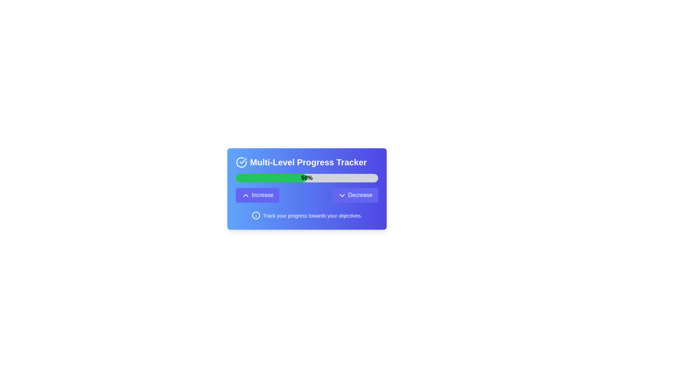  What do you see at coordinates (342, 195) in the screenshot?
I see `the downward-facing chevron icon located within the 'Decrease' button at the lower-right of the interface` at bounding box center [342, 195].